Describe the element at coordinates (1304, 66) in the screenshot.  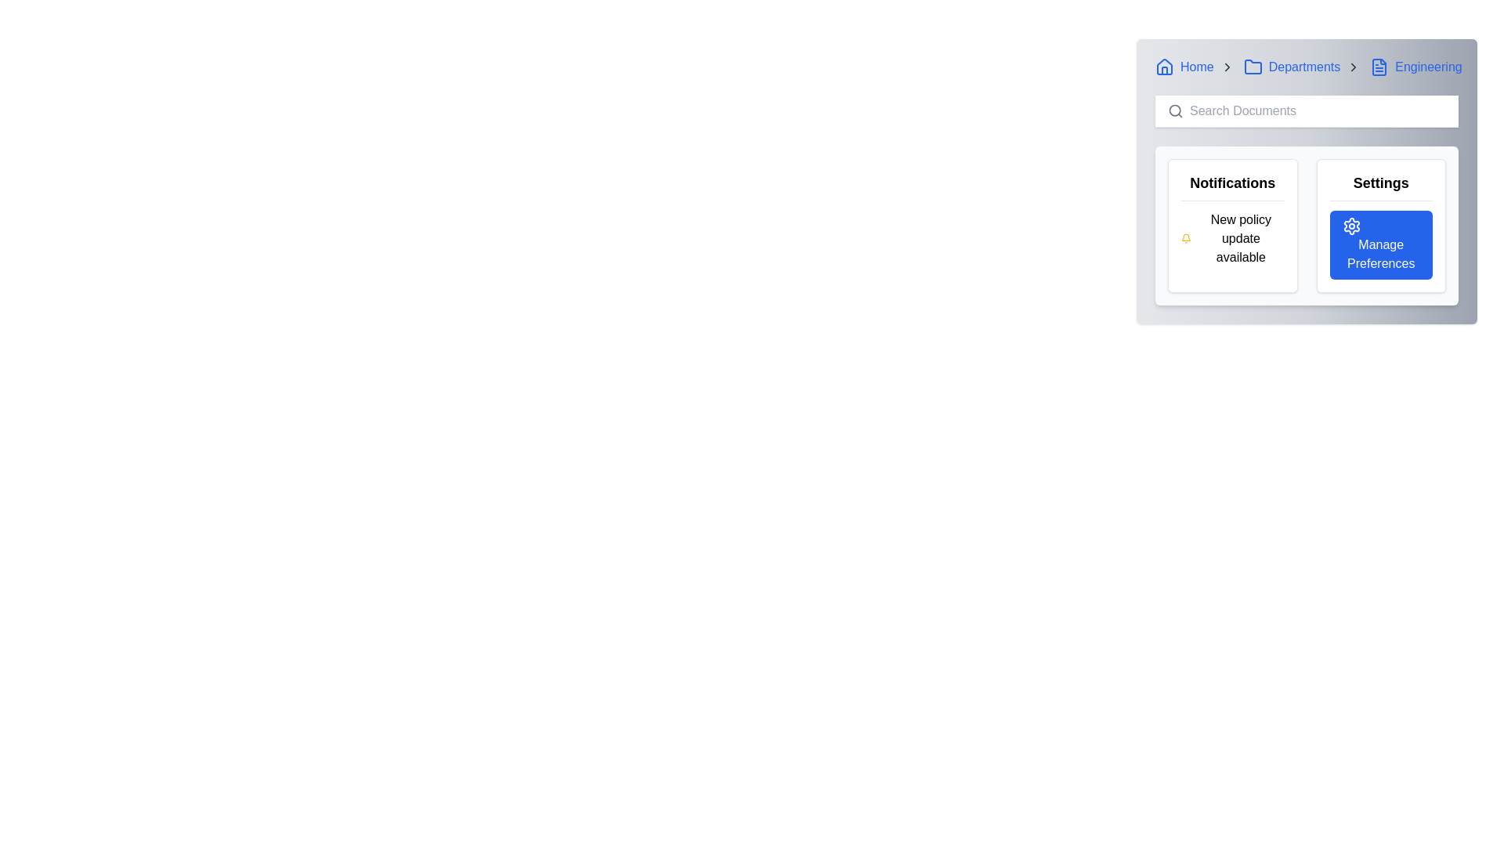
I see `the static text label that identifies the current navigation level in the breadcrumb, positioned as the third item after 'Home' and the folder icon` at that location.